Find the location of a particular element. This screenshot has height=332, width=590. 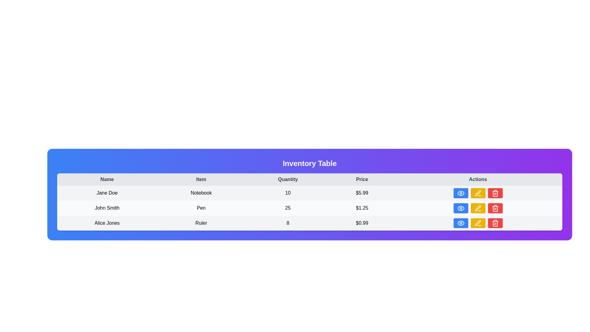

the 'Price' header label in the table, which is the fourth column from the left between 'Quantity' and 'Actions' is located at coordinates (362, 179).